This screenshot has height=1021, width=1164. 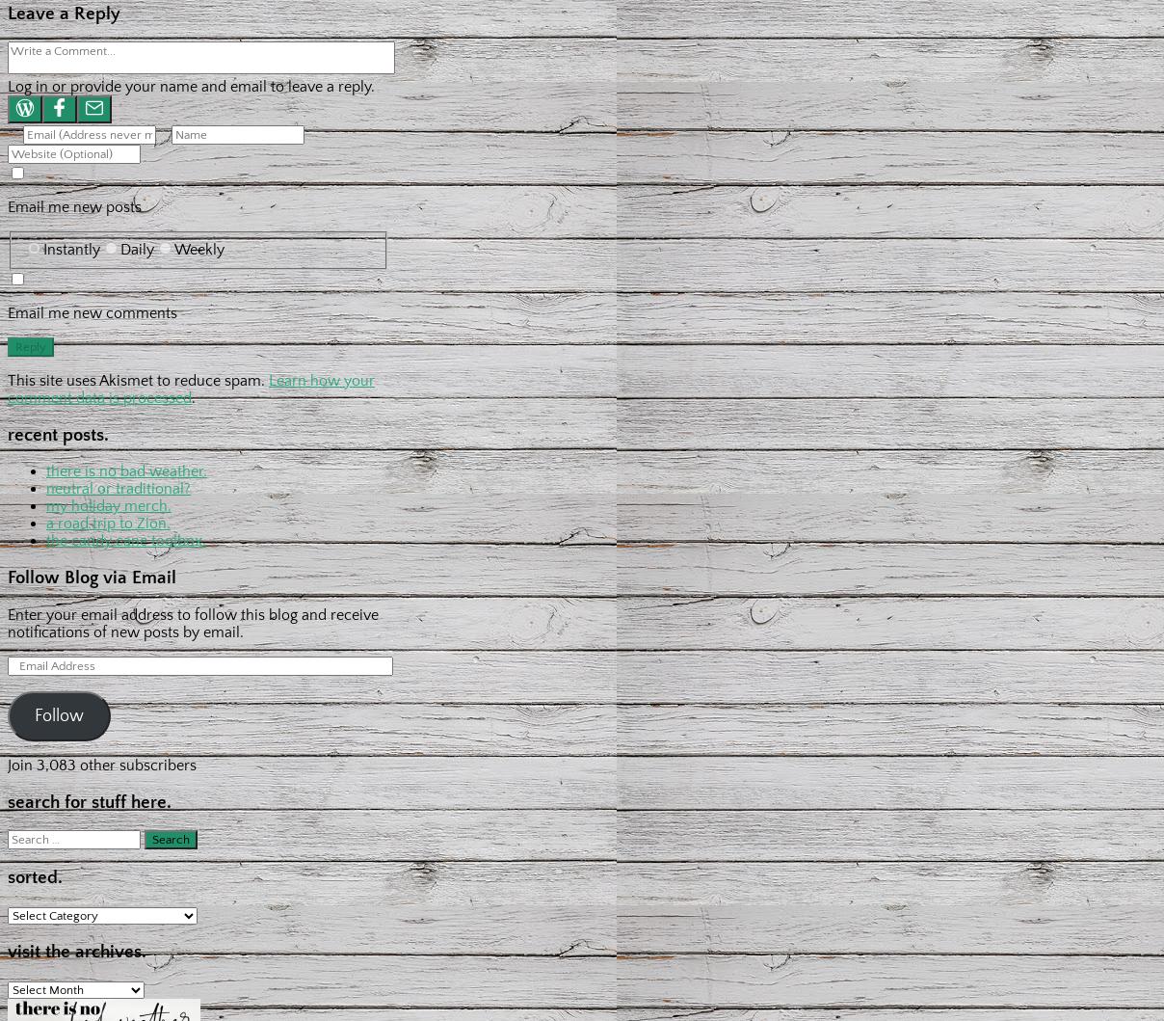 What do you see at coordinates (191, 387) in the screenshot?
I see `'Learn how your comment data is processed'` at bounding box center [191, 387].